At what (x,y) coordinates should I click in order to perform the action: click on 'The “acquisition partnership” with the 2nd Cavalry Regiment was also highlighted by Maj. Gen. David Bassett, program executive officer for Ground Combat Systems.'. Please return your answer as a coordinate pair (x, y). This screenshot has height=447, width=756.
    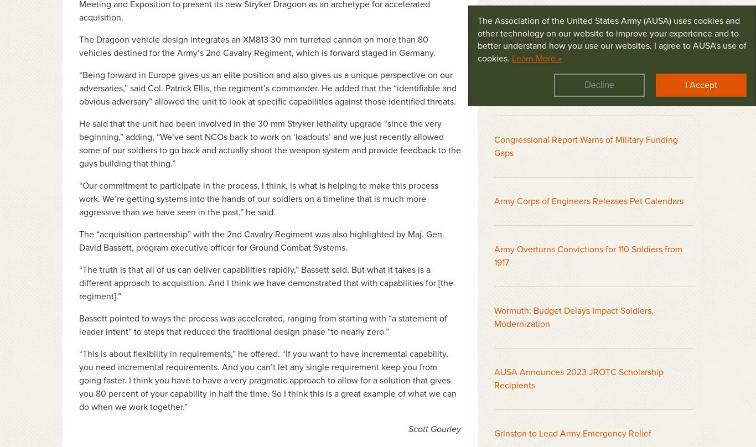
    Looking at the image, I should click on (262, 241).